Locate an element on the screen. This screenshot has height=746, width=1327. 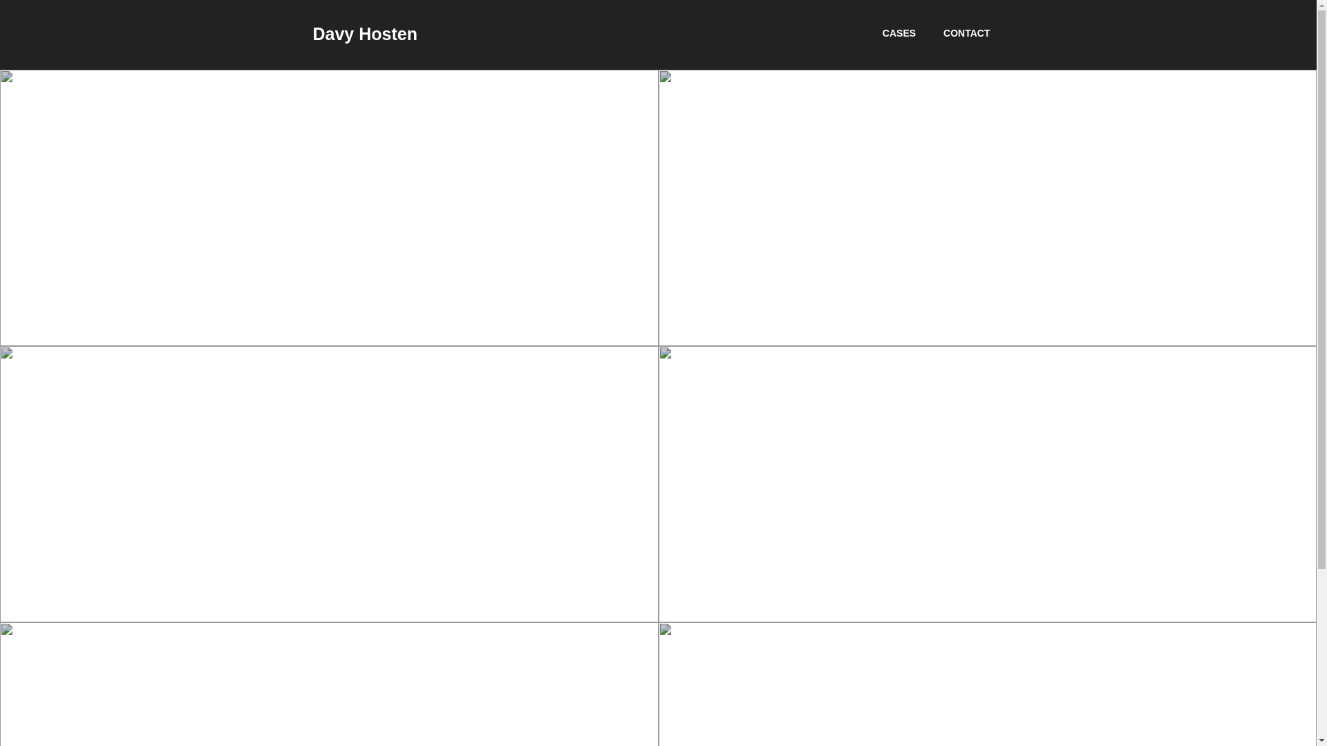
'Davy Hosten' is located at coordinates (364, 33).